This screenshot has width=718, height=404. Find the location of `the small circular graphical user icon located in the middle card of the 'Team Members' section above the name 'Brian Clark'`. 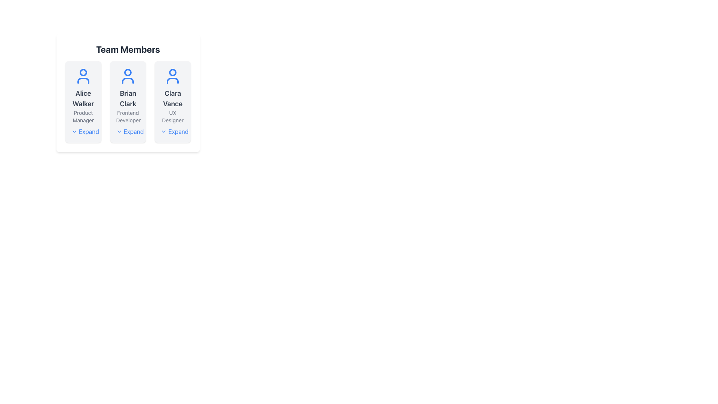

the small circular graphical user icon located in the middle card of the 'Team Members' section above the name 'Brian Clark' is located at coordinates (128, 72).